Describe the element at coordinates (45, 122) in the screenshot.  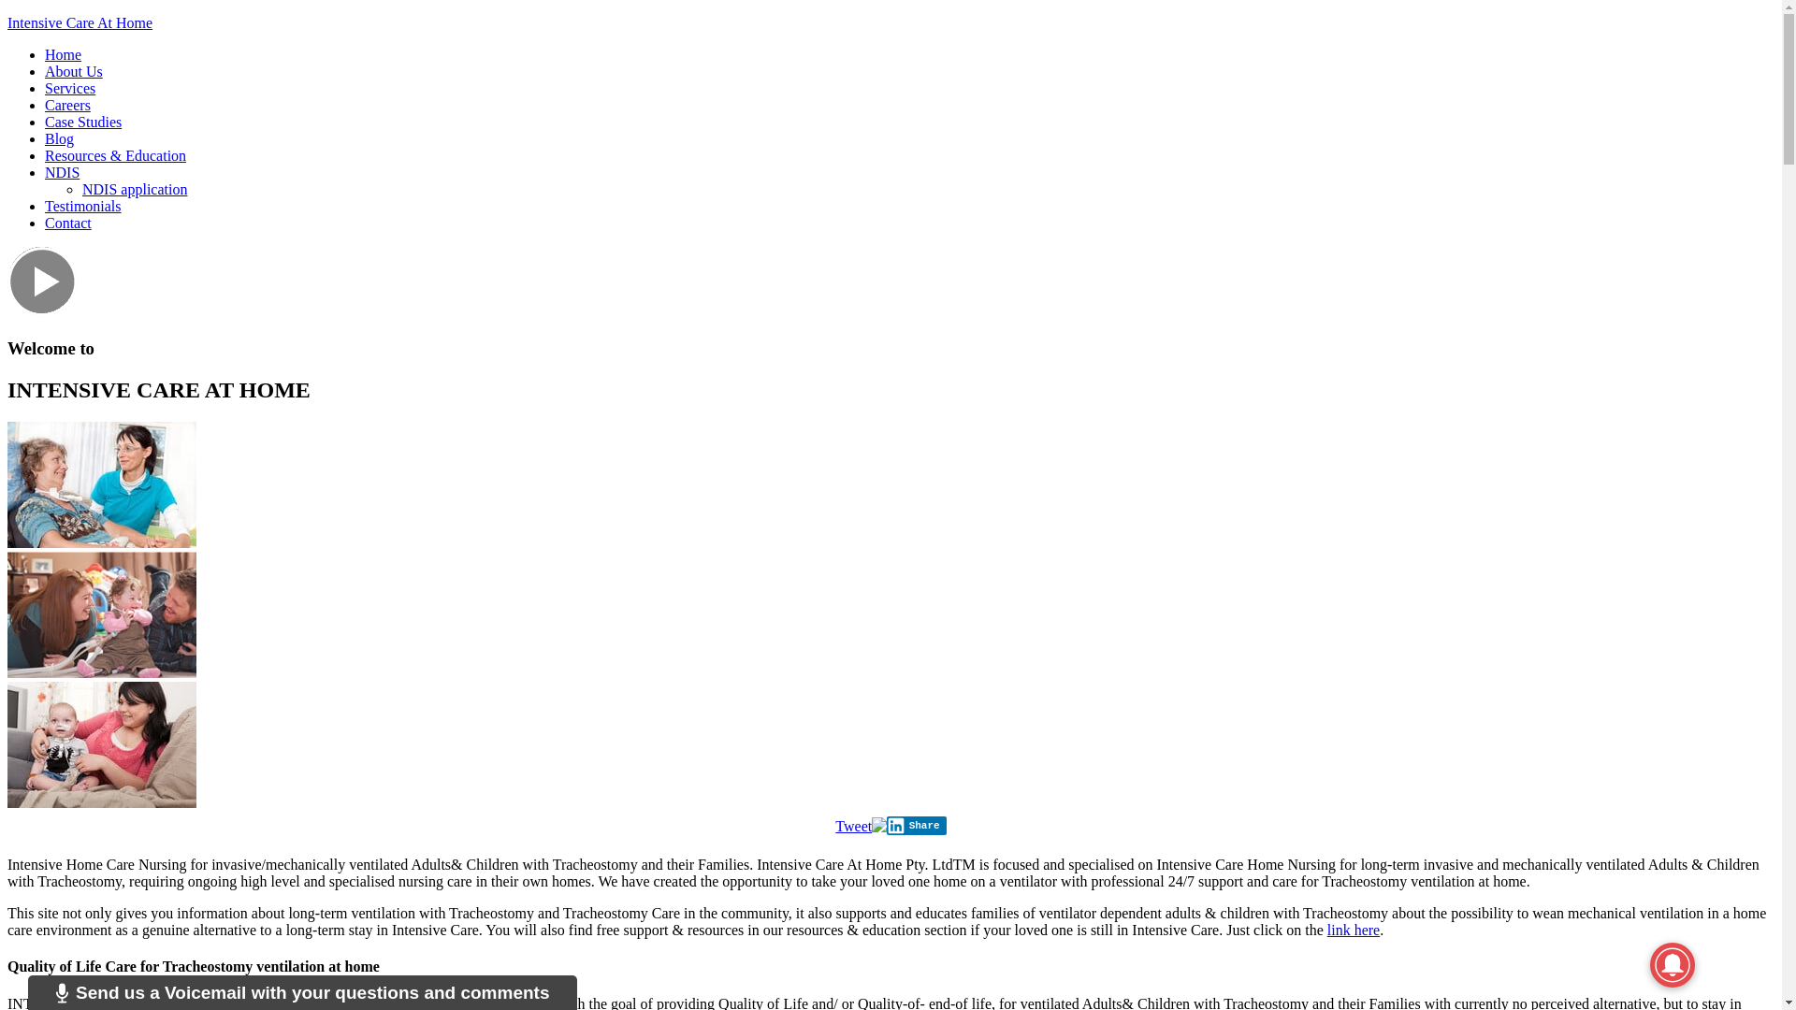
I see `'Case Studies'` at that location.